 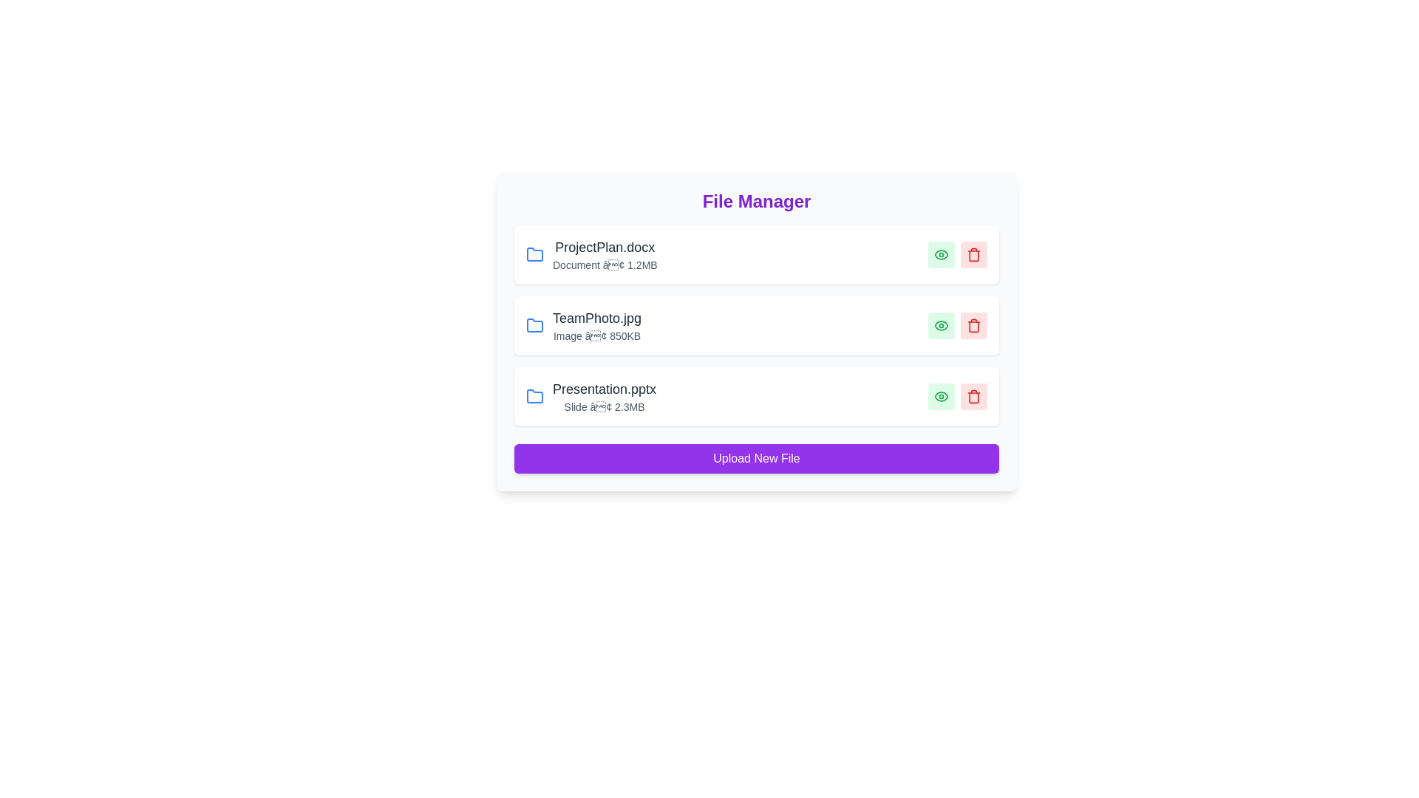 What do you see at coordinates (756, 458) in the screenshot?
I see `'Upload New File' button to initiate the file upload process` at bounding box center [756, 458].